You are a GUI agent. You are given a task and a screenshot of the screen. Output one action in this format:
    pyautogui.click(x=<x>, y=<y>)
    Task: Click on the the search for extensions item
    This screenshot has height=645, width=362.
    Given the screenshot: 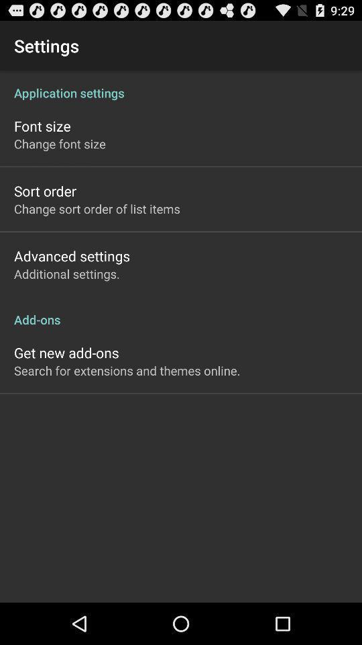 What is the action you would take?
    pyautogui.click(x=127, y=370)
    